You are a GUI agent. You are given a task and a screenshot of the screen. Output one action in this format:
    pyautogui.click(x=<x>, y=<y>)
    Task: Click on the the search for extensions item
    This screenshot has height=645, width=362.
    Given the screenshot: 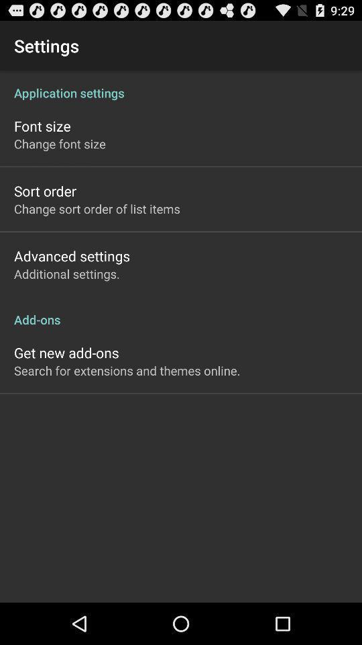 What is the action you would take?
    pyautogui.click(x=127, y=370)
    